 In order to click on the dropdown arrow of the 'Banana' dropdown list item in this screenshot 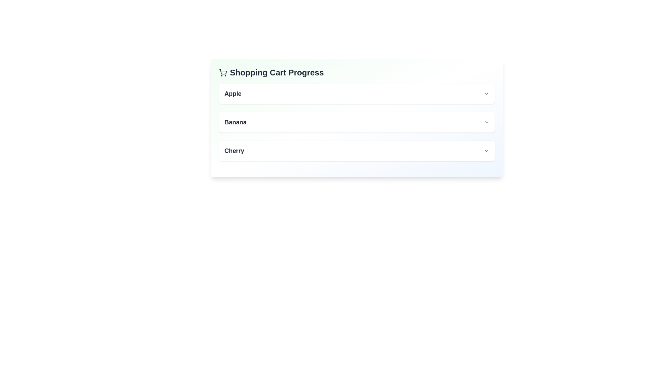, I will do `click(356, 122)`.